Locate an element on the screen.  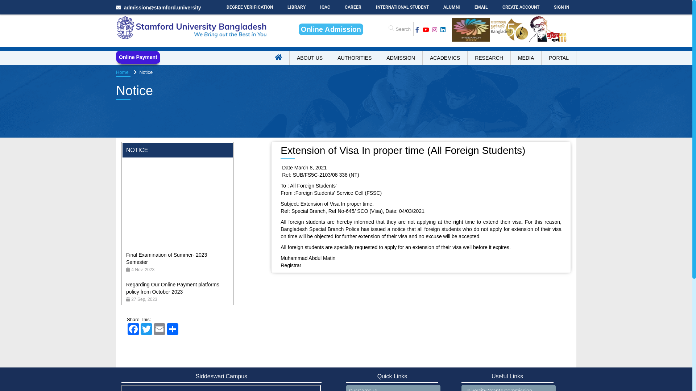
'IQAC' is located at coordinates (325, 7).